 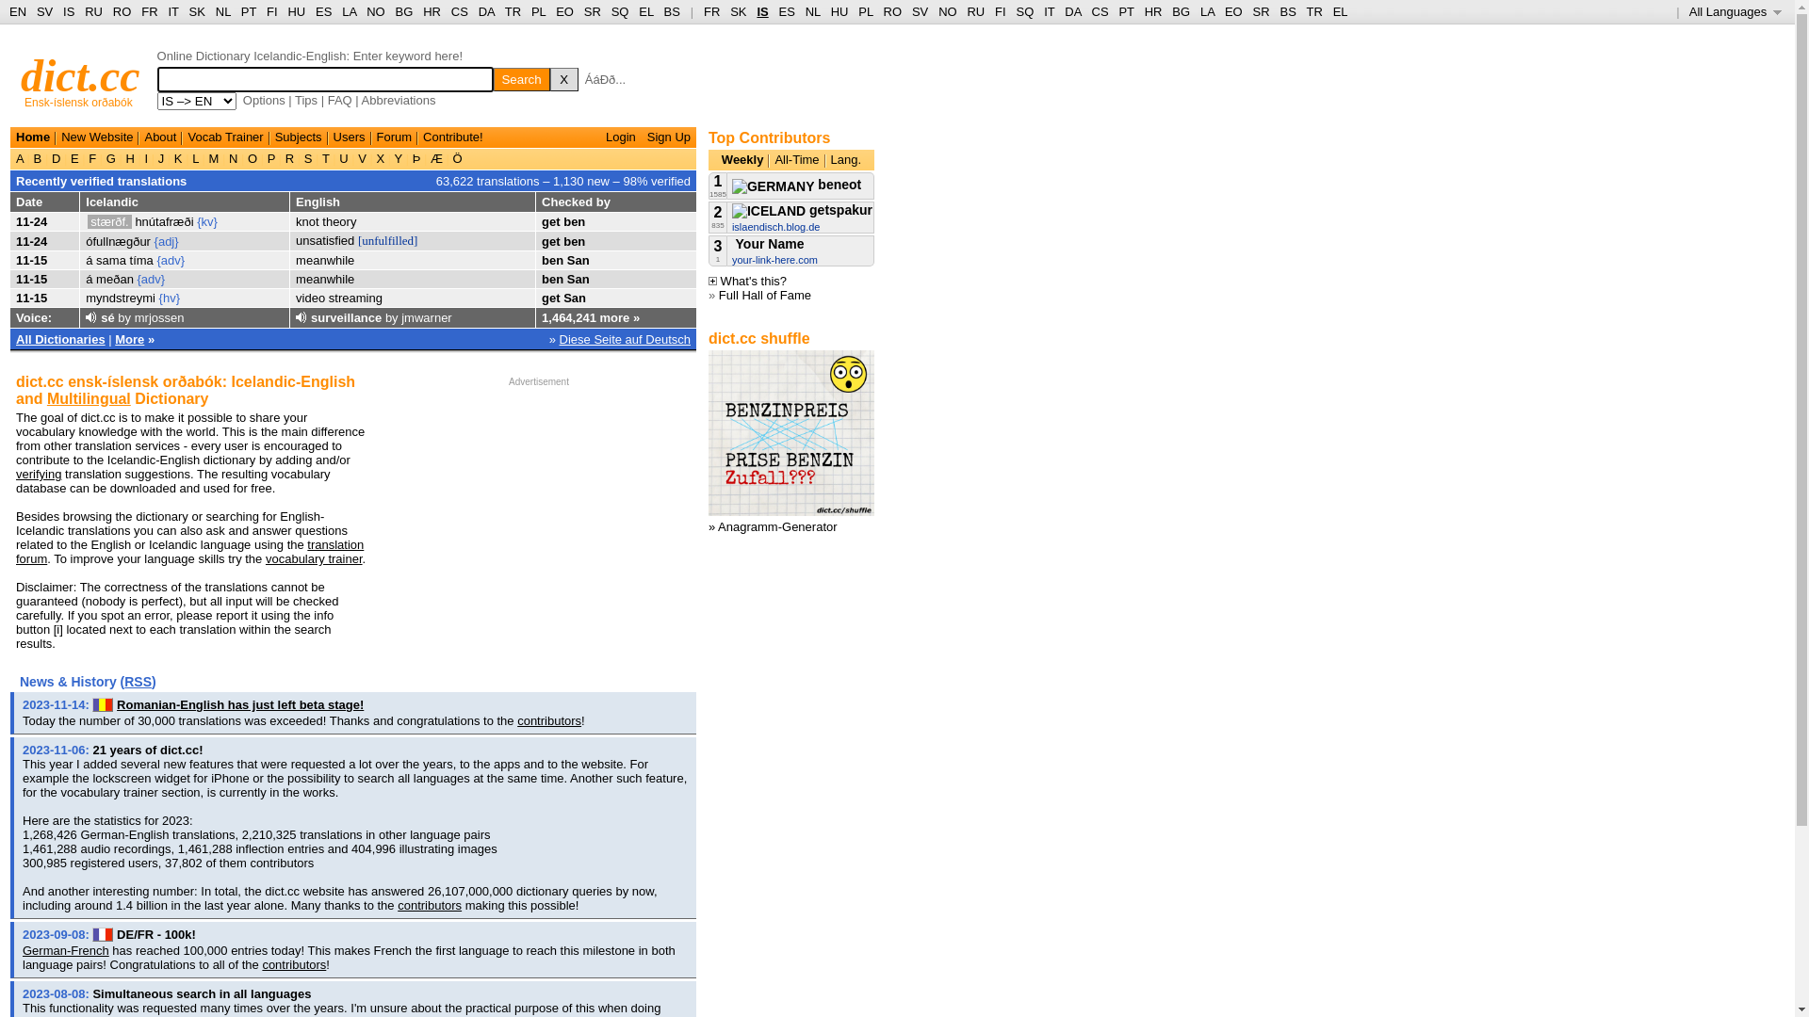 I want to click on 'D', so click(x=48, y=157).